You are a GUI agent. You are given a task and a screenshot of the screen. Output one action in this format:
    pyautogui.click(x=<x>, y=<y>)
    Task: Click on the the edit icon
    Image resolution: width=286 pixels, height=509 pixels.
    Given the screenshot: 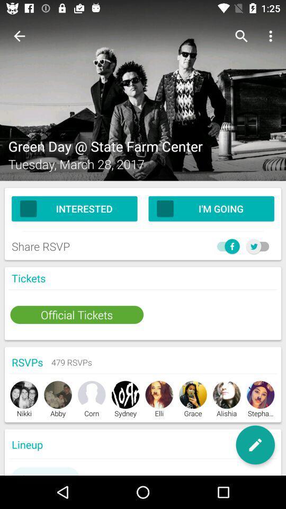 What is the action you would take?
    pyautogui.click(x=255, y=445)
    